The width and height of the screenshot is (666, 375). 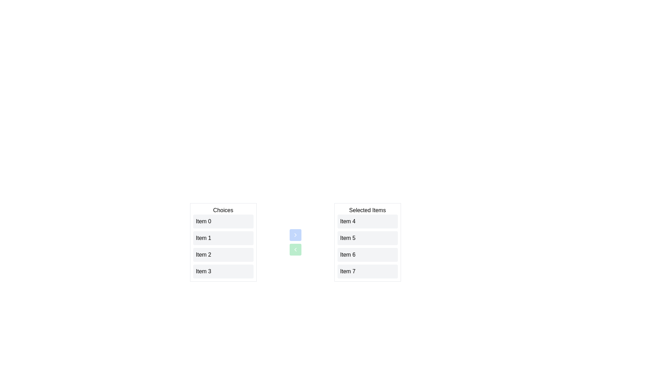 I want to click on the text label displaying 'Item 5', which is the second label in the list under 'Selected Items', positioned between 'Item 4' and 'Item 6', so click(x=348, y=238).